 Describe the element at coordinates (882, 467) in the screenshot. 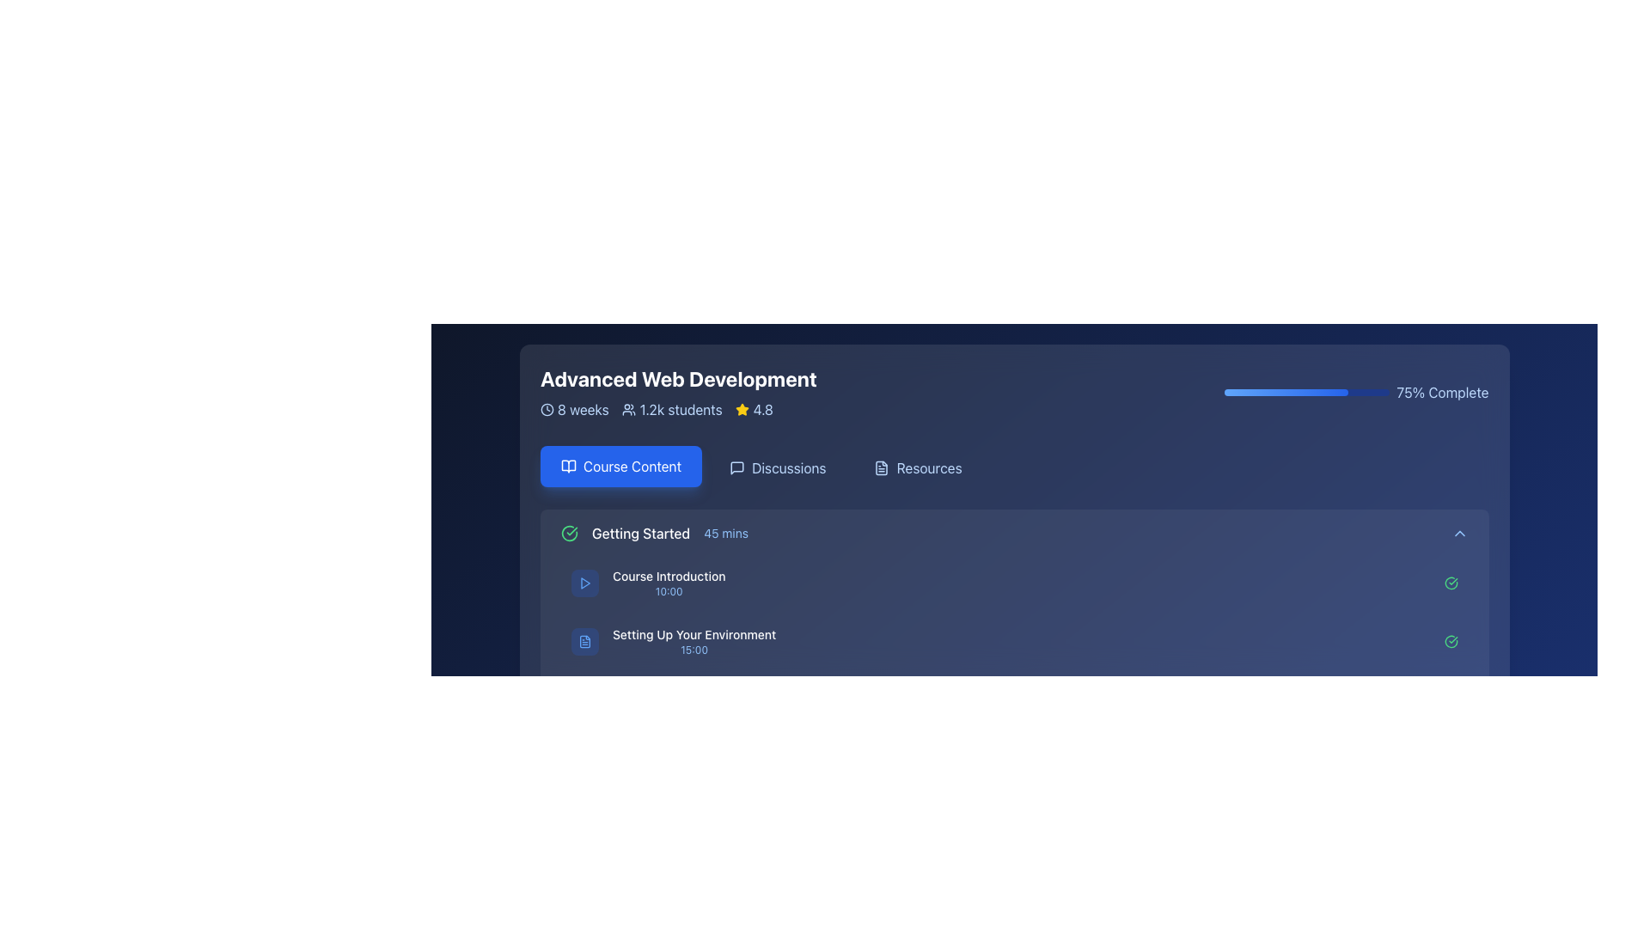

I see `the 'Resources' button which contains the small document icon styled with a white outline and blue background, located in the top horizontal navigation menu` at that location.